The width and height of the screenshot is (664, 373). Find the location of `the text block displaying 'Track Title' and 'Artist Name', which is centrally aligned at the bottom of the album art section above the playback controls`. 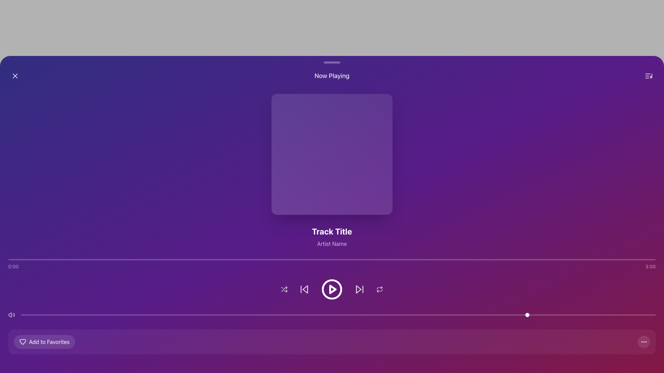

the text block displaying 'Track Title' and 'Artist Name', which is centrally aligned at the bottom of the album art section above the playback controls is located at coordinates (332, 237).